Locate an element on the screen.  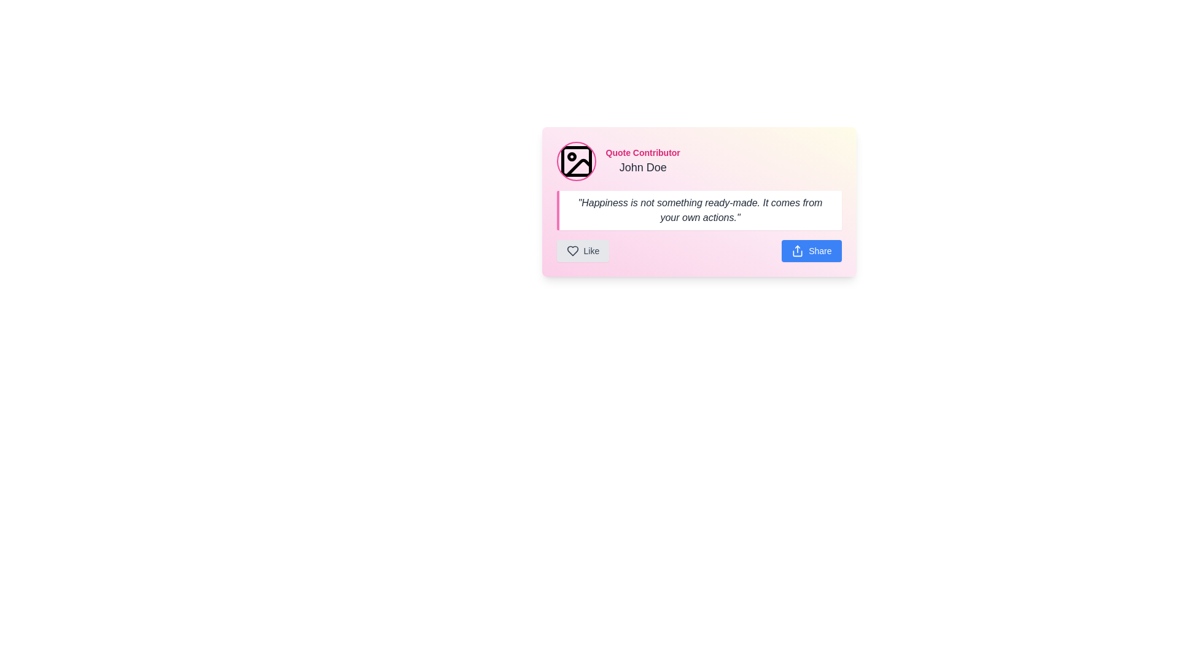
the 'Share' button, which is a rectangular button with a blue background and a white text label is located at coordinates (811, 250).